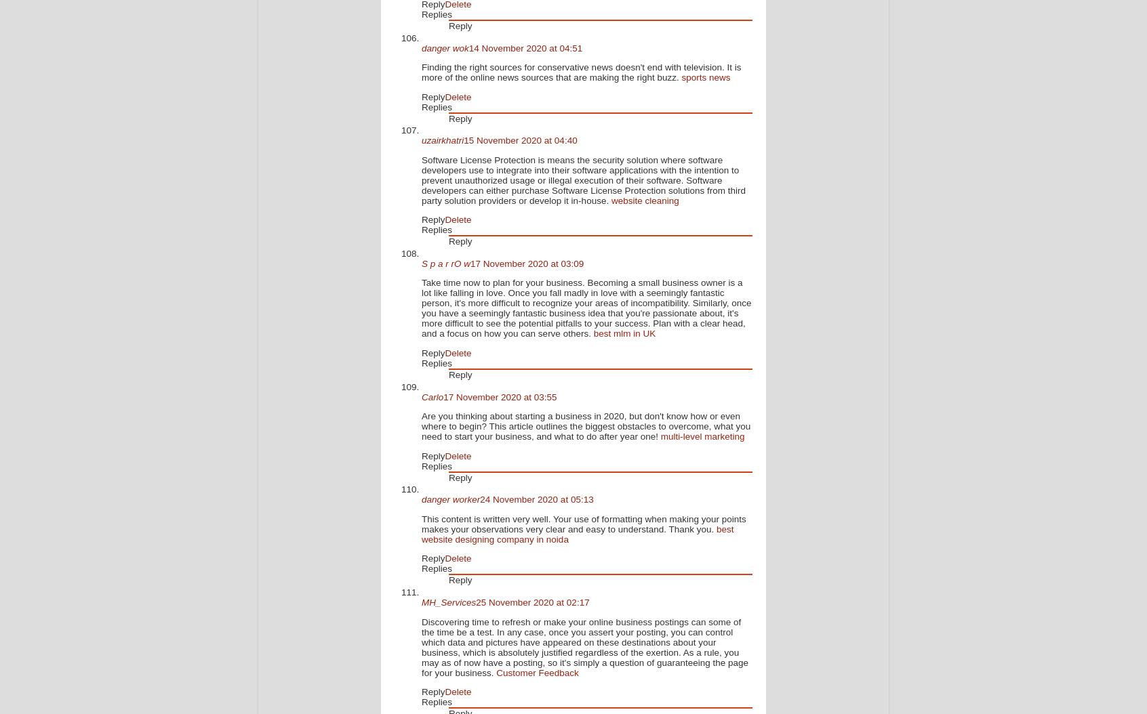 The image size is (1147, 714). I want to click on 'uzairkhatri', so click(442, 140).